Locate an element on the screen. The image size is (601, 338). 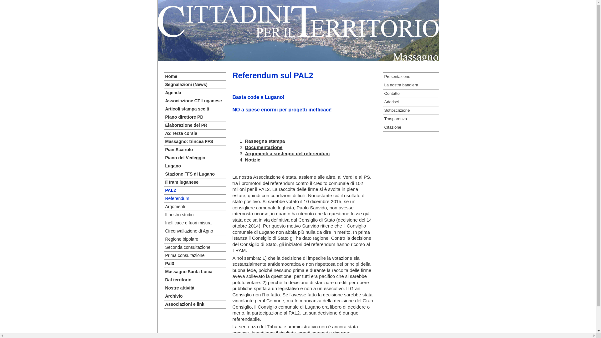
'La nostra bandiera' is located at coordinates (382, 85).